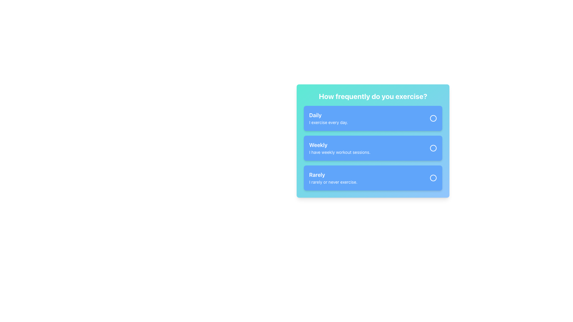 This screenshot has height=322, width=573. Describe the element at coordinates (433, 118) in the screenshot. I see `SVG circle element styled with a white stroke and no fill, positioned near the right side of the blue button labeled 'Daily'` at that location.